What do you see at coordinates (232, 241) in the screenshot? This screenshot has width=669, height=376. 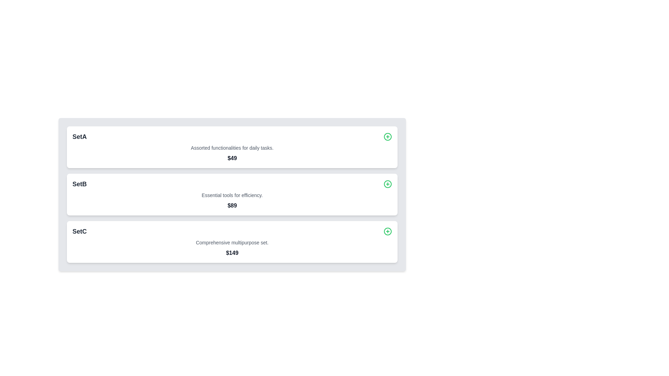 I see `the card titled 'SetC' with a white background and rounded corners` at bounding box center [232, 241].